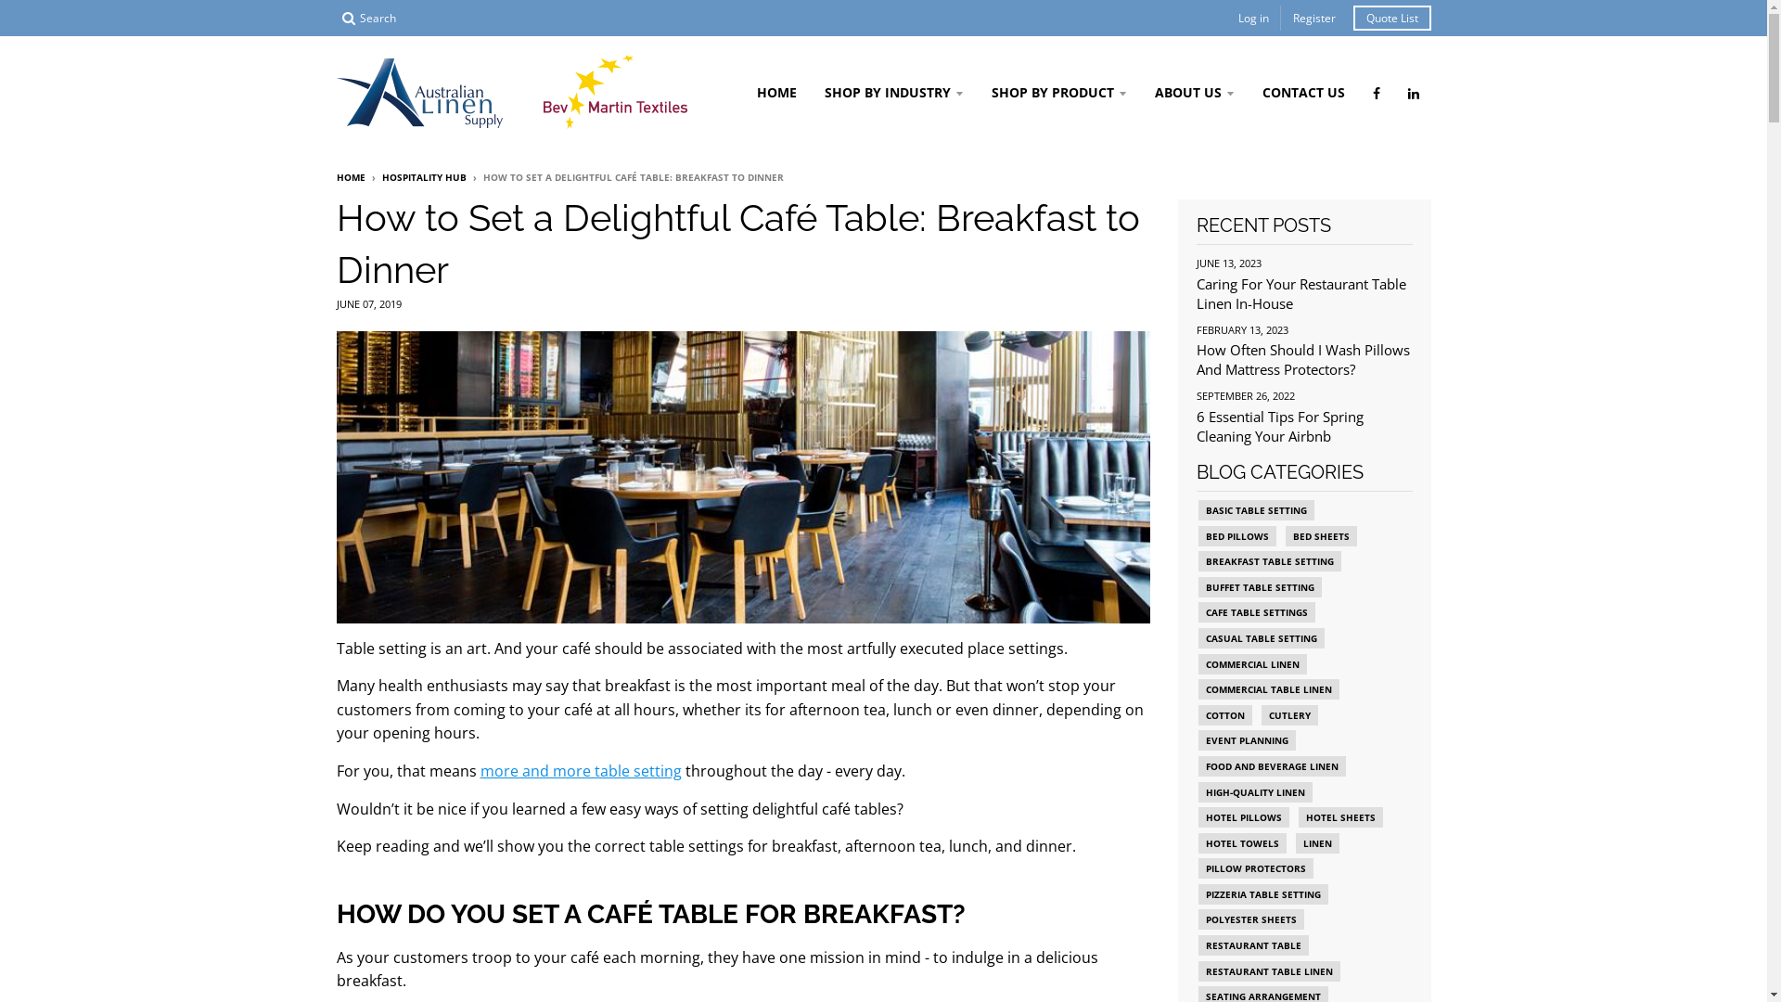 The height and width of the screenshot is (1002, 1781). Describe the element at coordinates (1340, 816) in the screenshot. I see `'HOTEL SHEETS'` at that location.